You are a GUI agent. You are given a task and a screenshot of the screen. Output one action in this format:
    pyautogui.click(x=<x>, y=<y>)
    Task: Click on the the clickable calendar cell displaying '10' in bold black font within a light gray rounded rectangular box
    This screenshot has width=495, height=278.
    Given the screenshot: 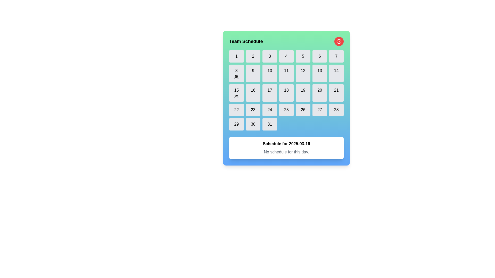 What is the action you would take?
    pyautogui.click(x=269, y=71)
    